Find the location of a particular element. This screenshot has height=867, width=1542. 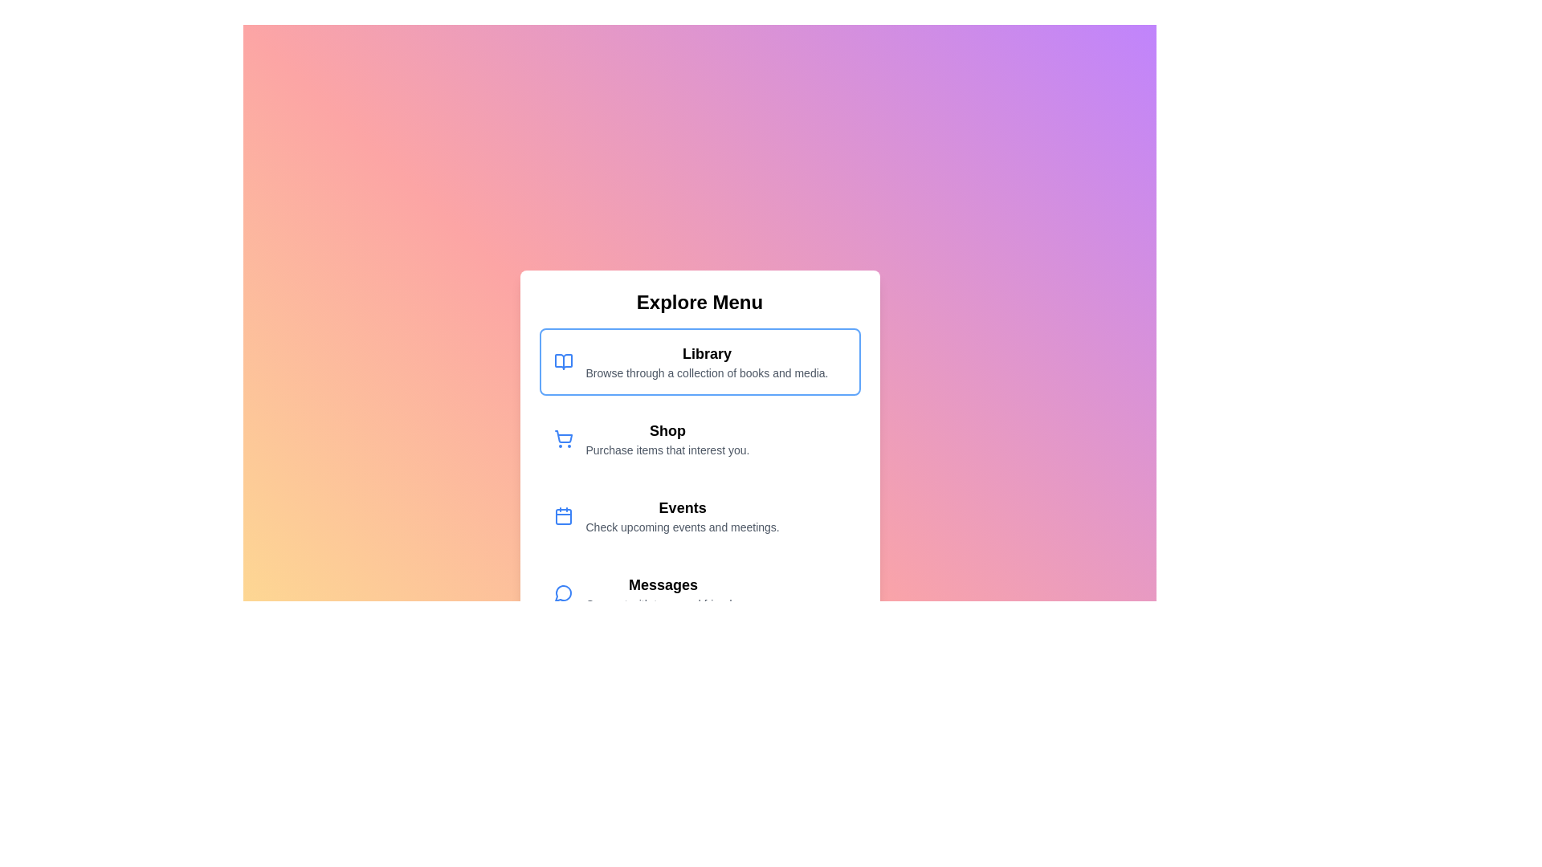

the menu option corresponding to Messages is located at coordinates (700, 593).